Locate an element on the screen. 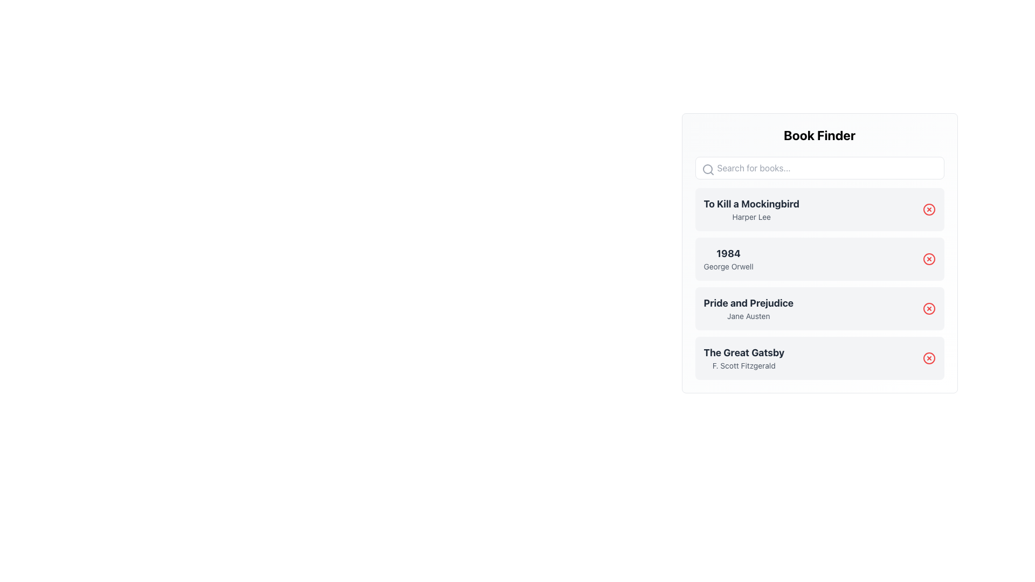  the title label for the book 'Pride and Prejudice', which is located near the center of the 'Book Finder' list is located at coordinates (748, 303).